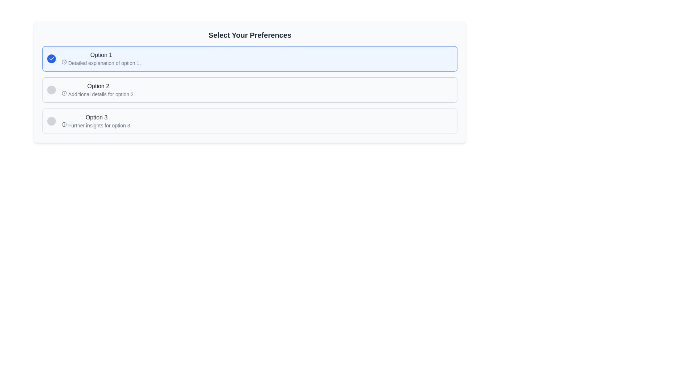  What do you see at coordinates (96, 125) in the screenshot?
I see `the textual description 'Further insights for option 3.' accompanied by an information icon, located beneath the 'Option 3' text` at bounding box center [96, 125].